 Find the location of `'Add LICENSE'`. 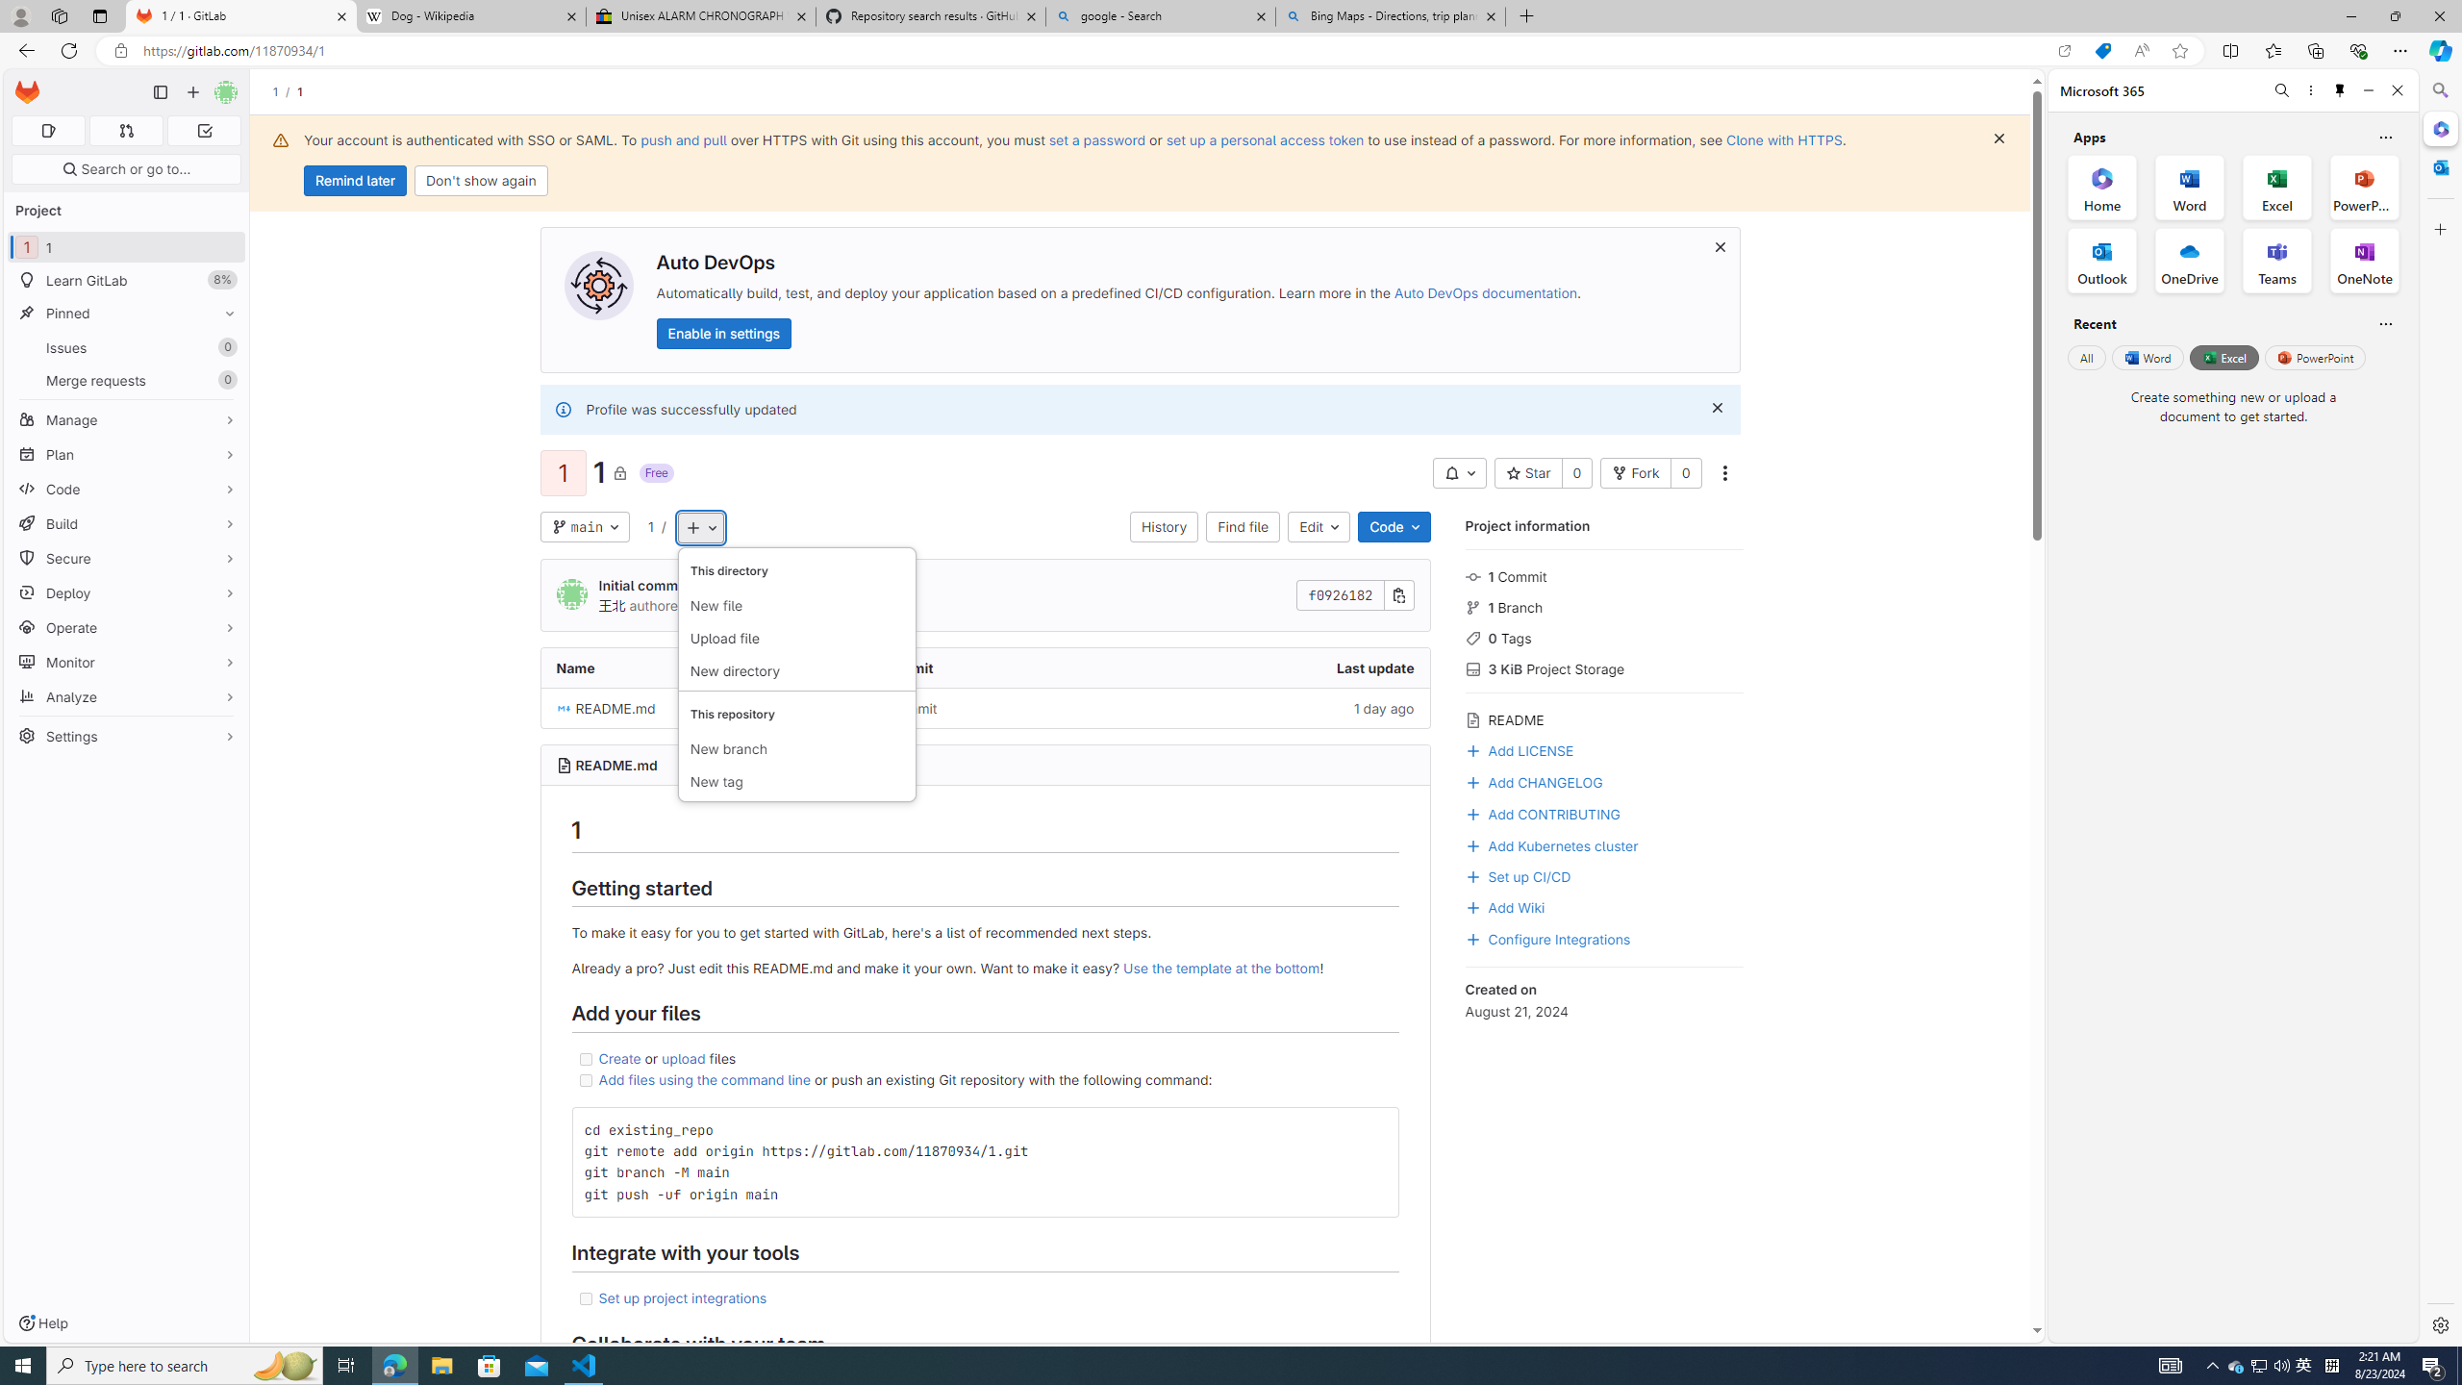

'Add LICENSE' is located at coordinates (1518, 748).